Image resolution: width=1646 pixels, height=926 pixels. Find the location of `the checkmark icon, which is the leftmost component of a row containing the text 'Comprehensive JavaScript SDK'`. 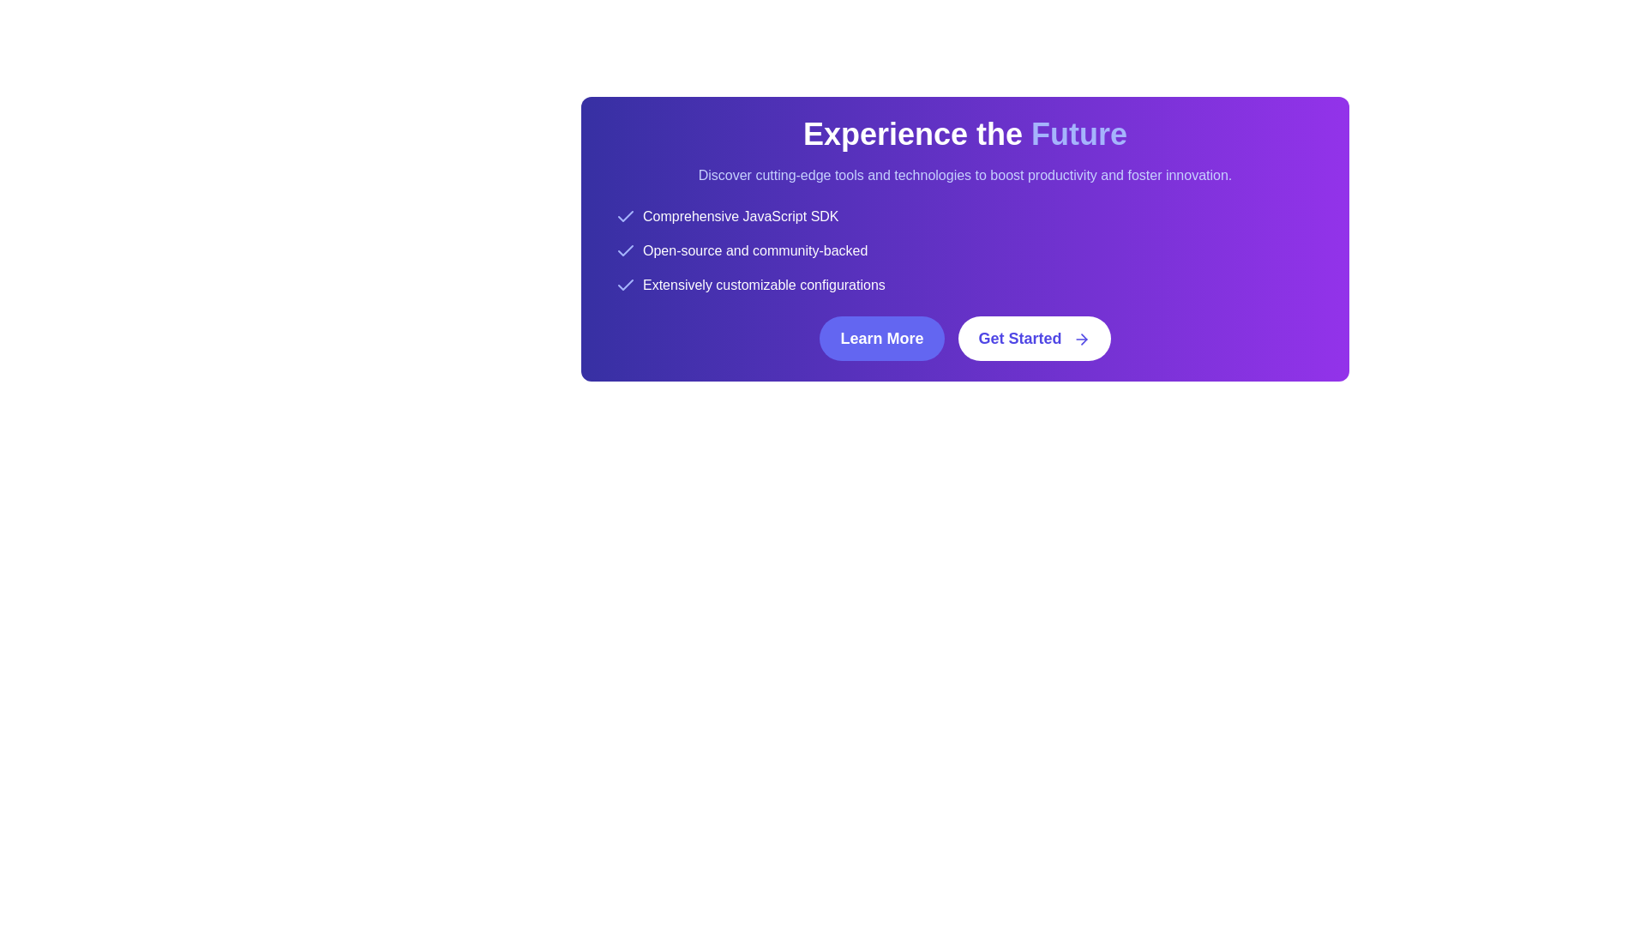

the checkmark icon, which is the leftmost component of a row containing the text 'Comprehensive JavaScript SDK' is located at coordinates (624, 216).